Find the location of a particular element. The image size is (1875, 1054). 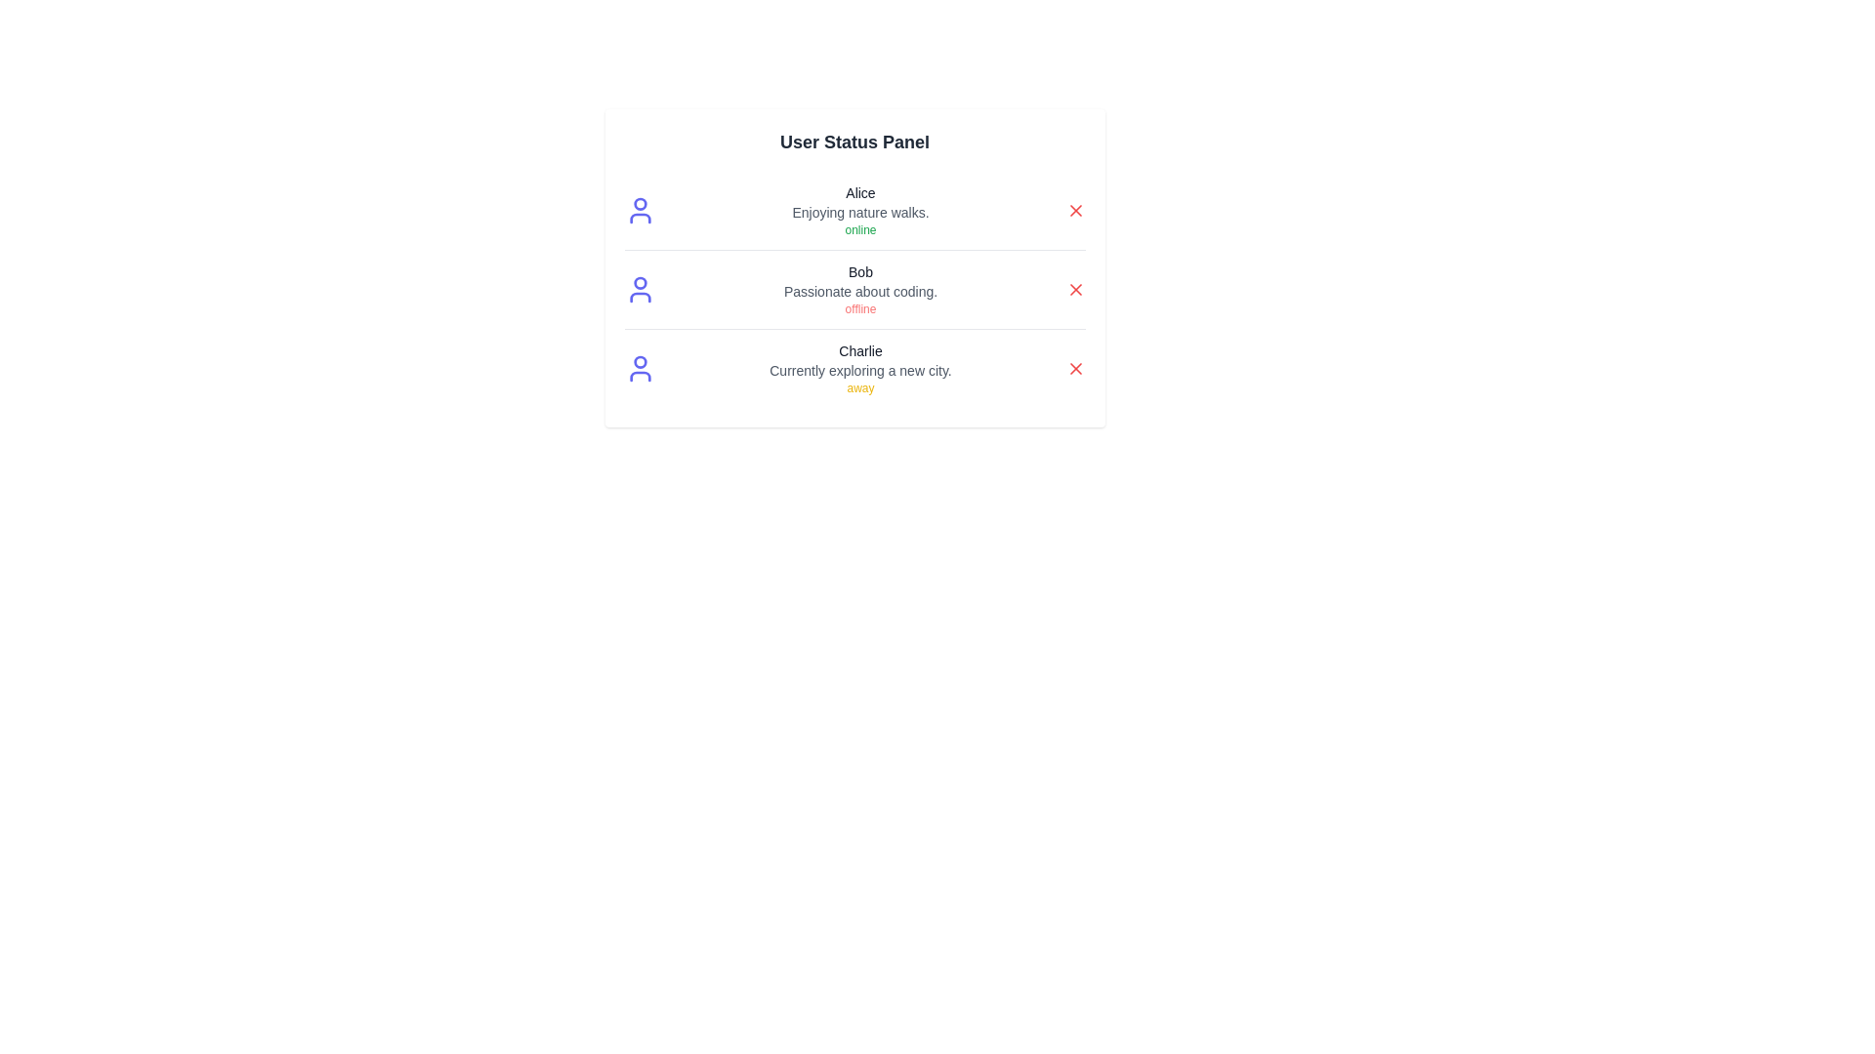

the status message text indicating the current activity or state of the user, which is positioned between the name text 'Charlie' and the status text 'away' in the bottom section of the user status panel is located at coordinates (859, 371).